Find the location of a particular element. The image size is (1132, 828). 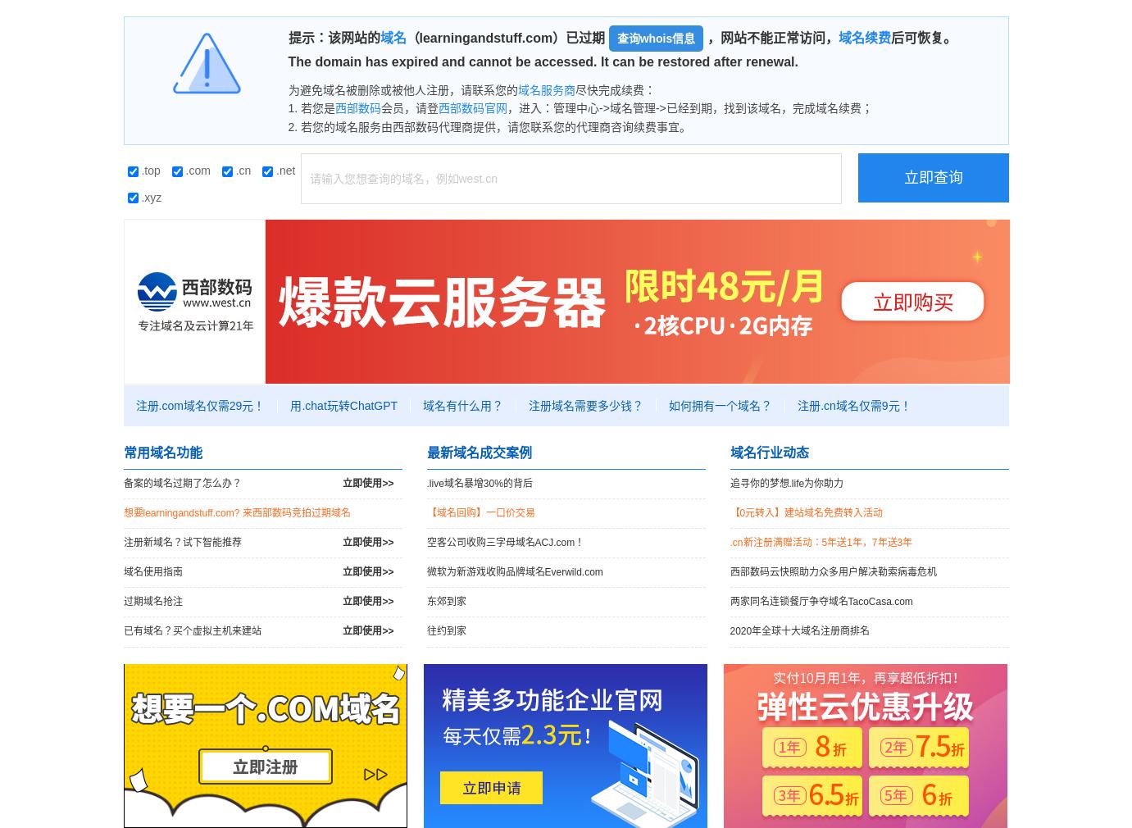

'【0元转入】建站域名免费转入活动' is located at coordinates (805, 511).